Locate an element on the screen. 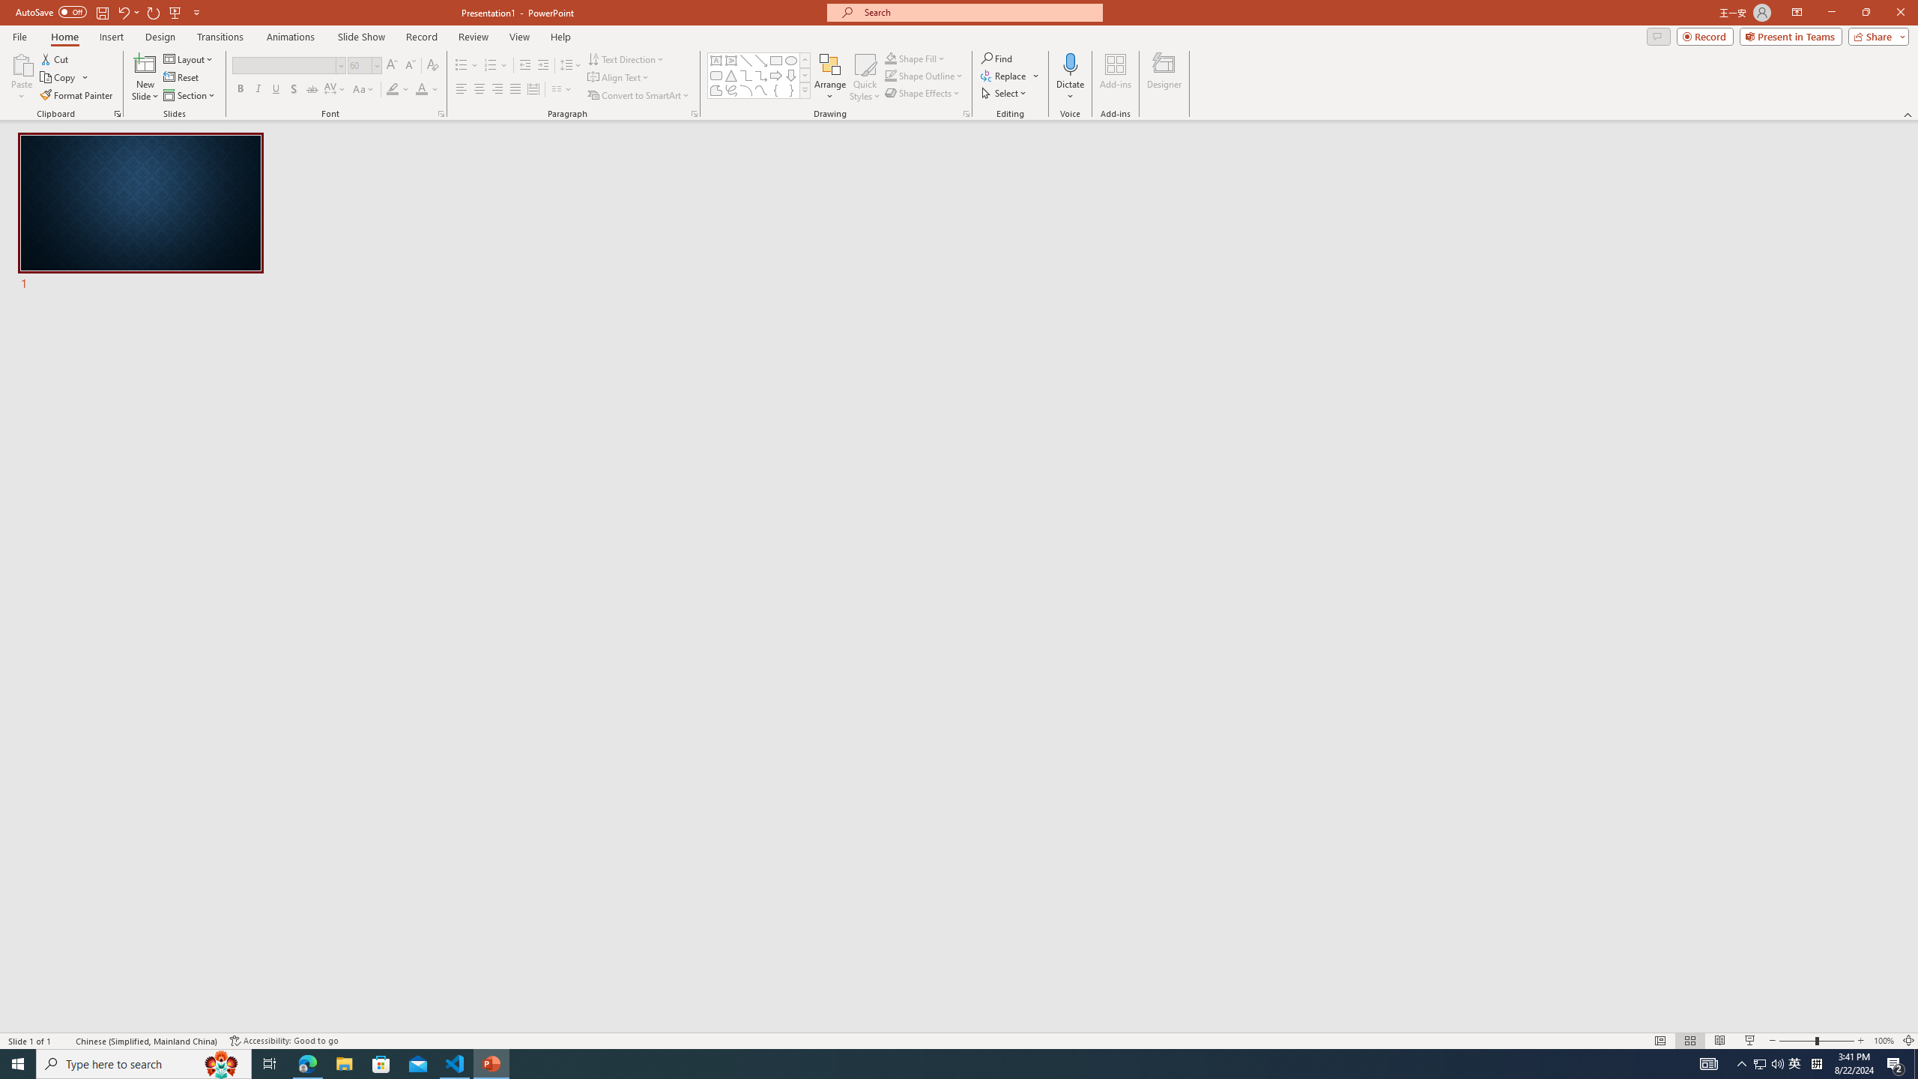  'Numbering' is located at coordinates (497, 65).